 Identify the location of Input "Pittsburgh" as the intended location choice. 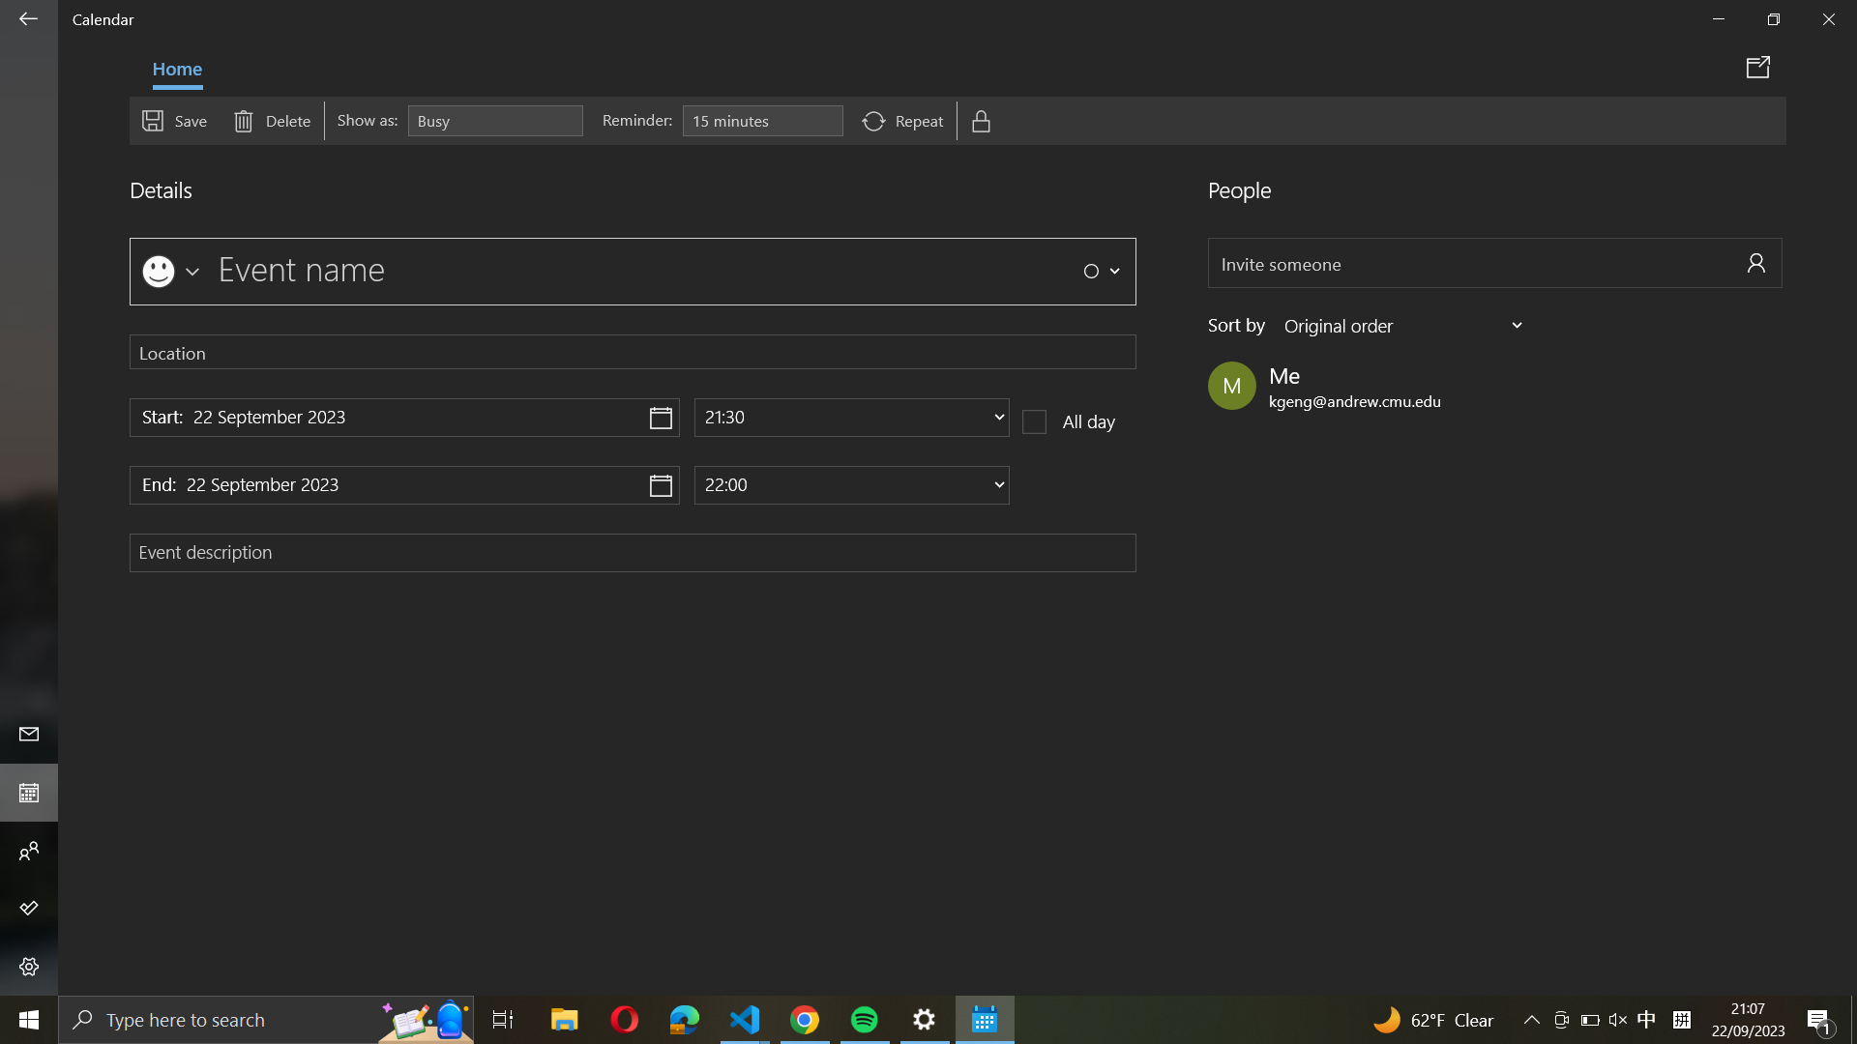
(633, 351).